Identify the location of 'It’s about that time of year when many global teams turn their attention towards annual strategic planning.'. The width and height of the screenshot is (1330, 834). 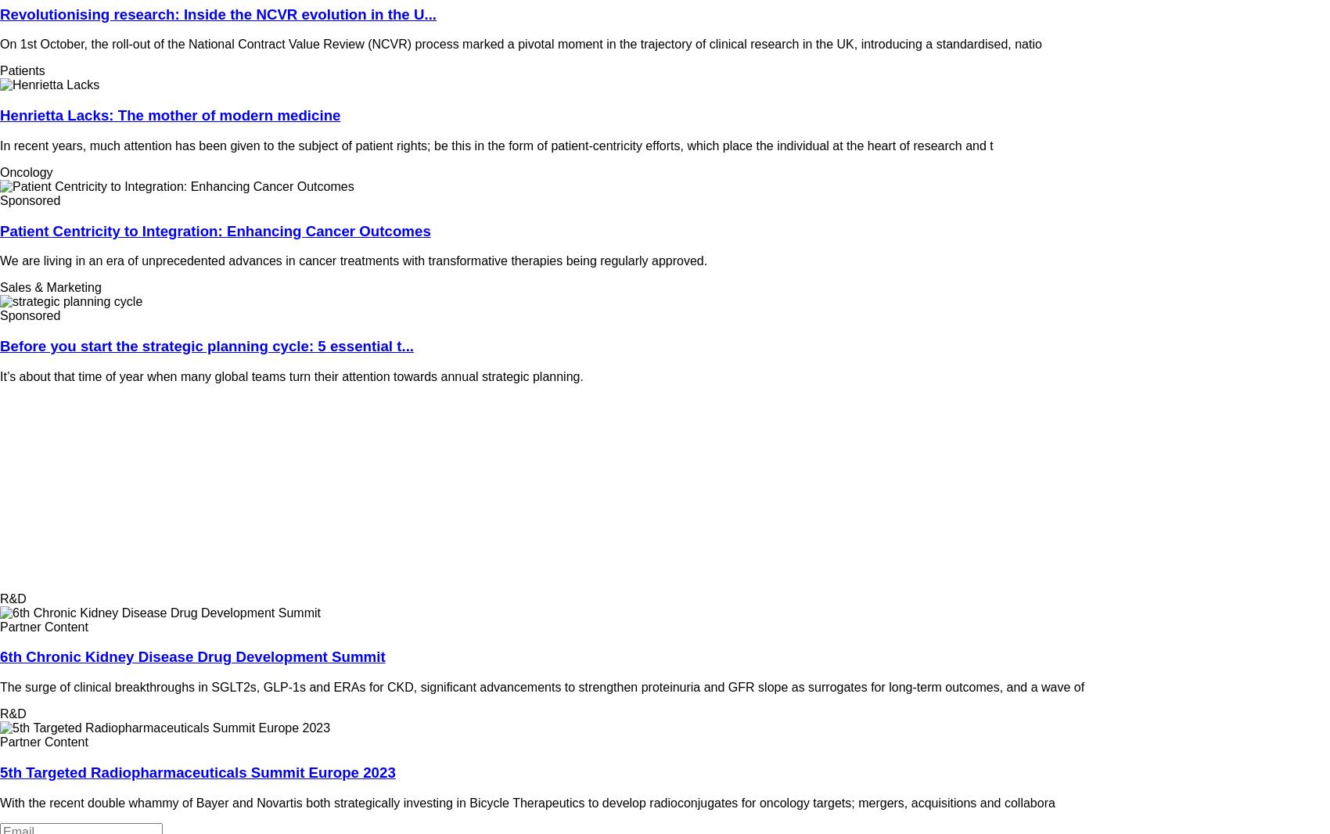
(293, 376).